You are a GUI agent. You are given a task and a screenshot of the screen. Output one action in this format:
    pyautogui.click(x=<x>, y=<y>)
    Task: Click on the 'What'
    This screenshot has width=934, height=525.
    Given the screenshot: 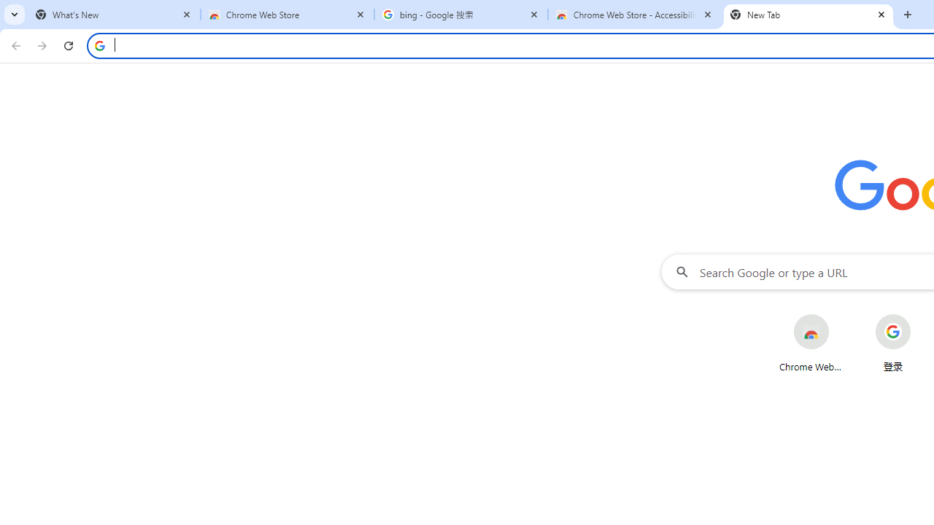 What is the action you would take?
    pyautogui.click(x=113, y=15)
    